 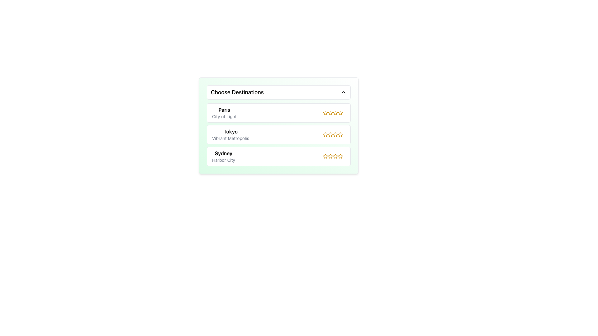 What do you see at coordinates (333, 113) in the screenshot?
I see `the fourth outlined golden-yellow star` at bounding box center [333, 113].